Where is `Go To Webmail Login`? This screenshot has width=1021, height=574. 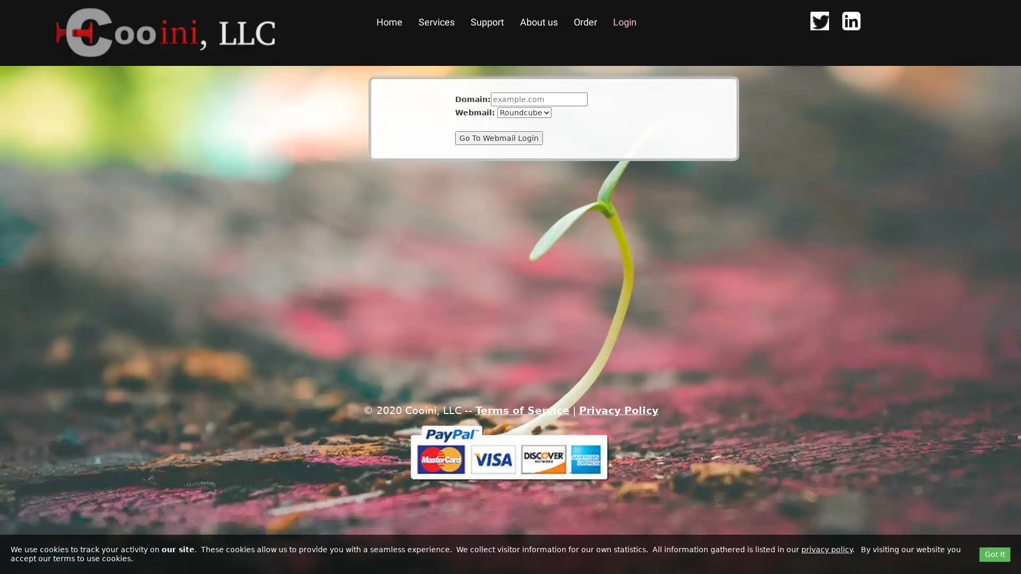
Go To Webmail Login is located at coordinates (498, 137).